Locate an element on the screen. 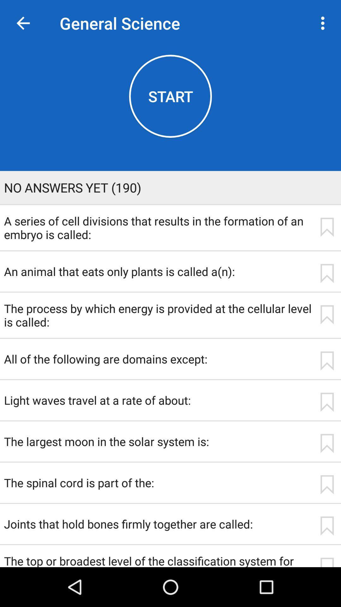 The height and width of the screenshot is (607, 341). the app to the right of the the spinal cord item is located at coordinates (327, 484).